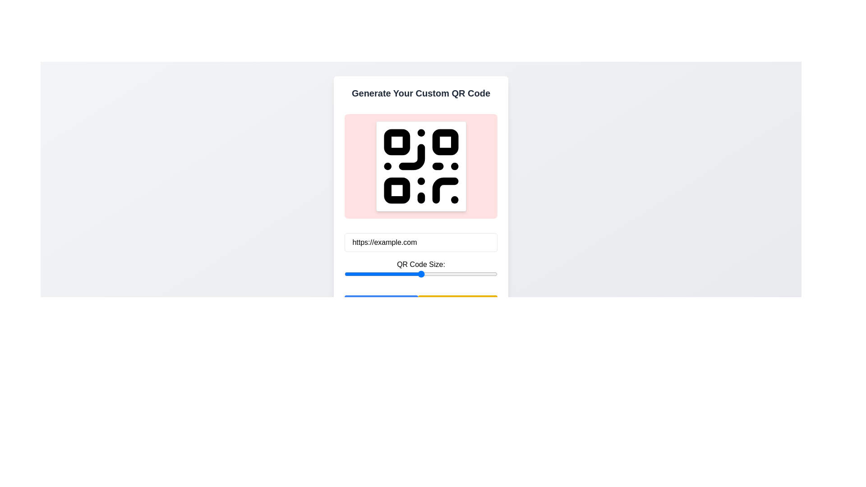 Image resolution: width=866 pixels, height=487 pixels. What do you see at coordinates (384, 274) in the screenshot?
I see `QR code size` at bounding box center [384, 274].